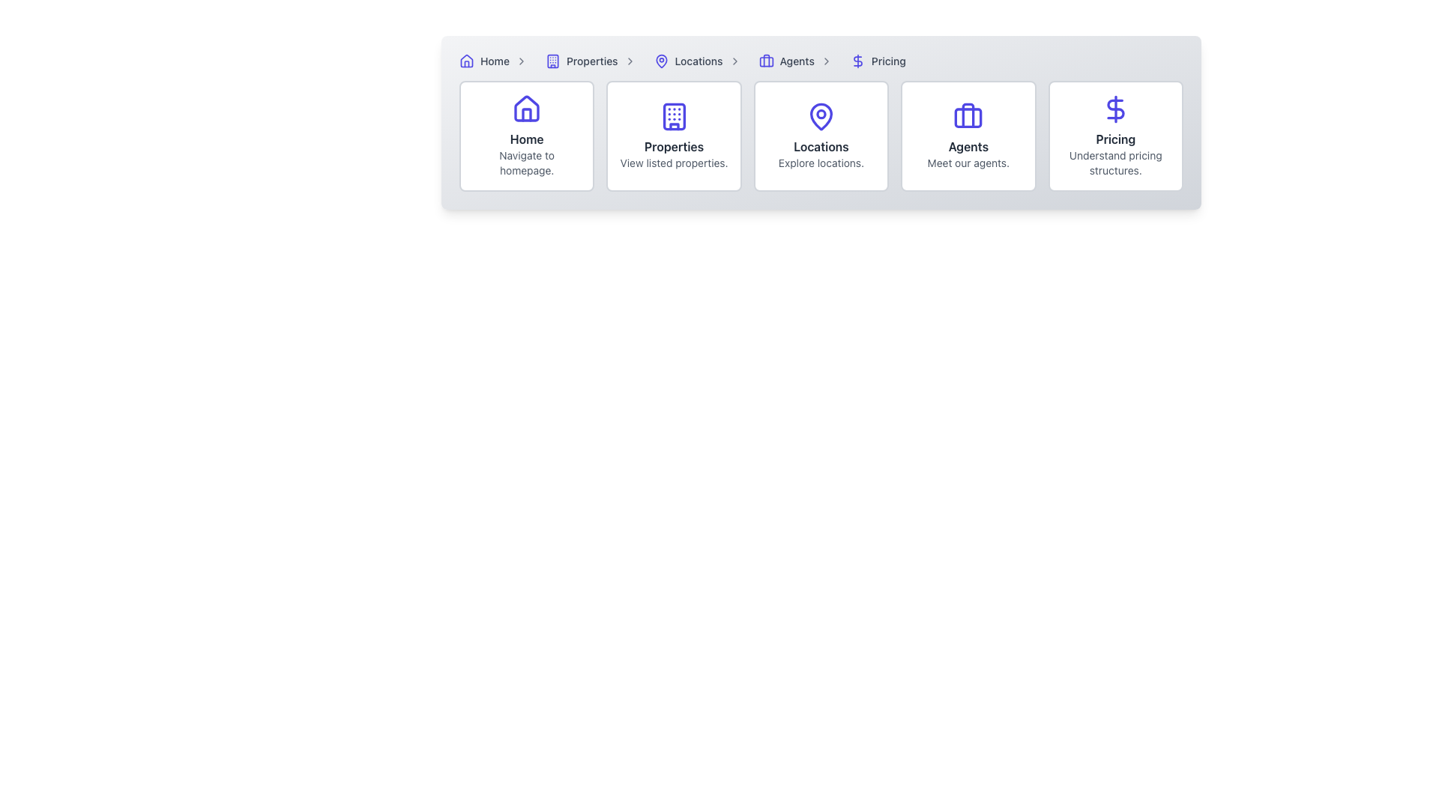  What do you see at coordinates (527, 108) in the screenshot?
I see `the house-shaped icon outlined in bold indigo strokes, which is located within the 'Home' navigation card at the top left section of the interface` at bounding box center [527, 108].